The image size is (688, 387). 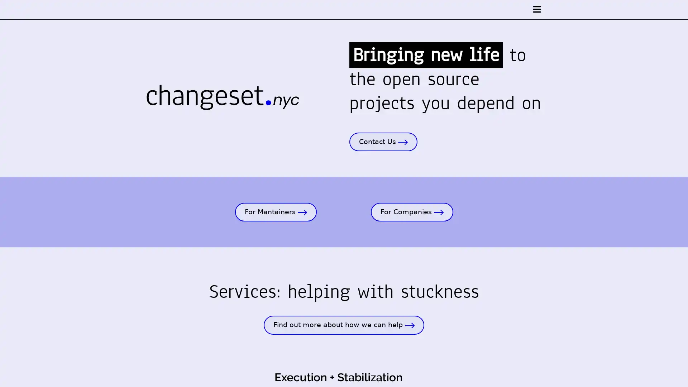 I want to click on open nav, so click(x=537, y=10).